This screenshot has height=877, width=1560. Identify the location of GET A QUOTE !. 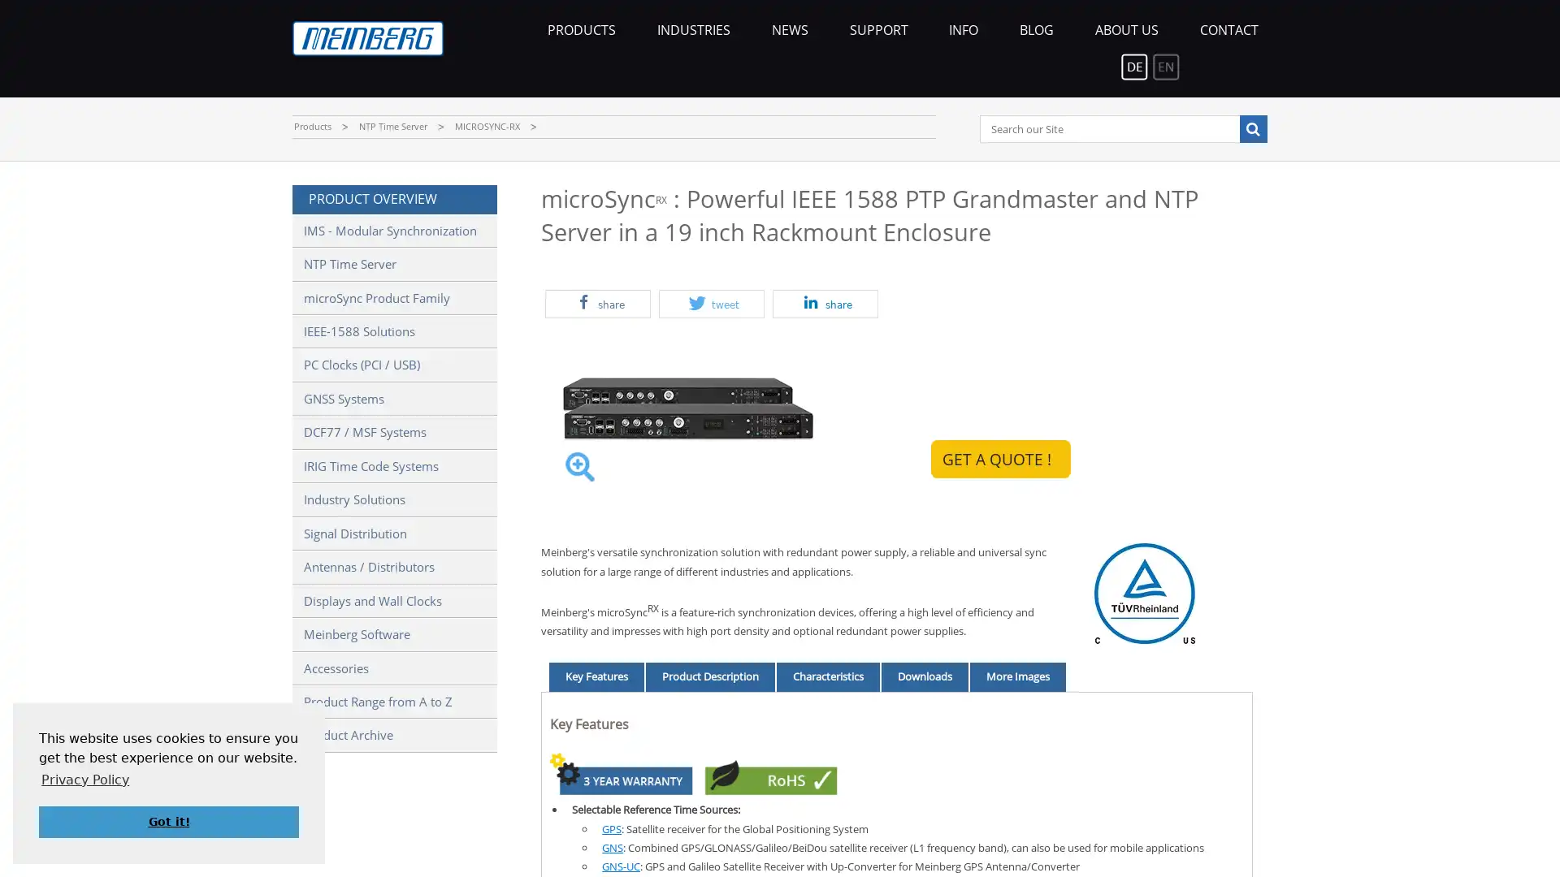
(999, 458).